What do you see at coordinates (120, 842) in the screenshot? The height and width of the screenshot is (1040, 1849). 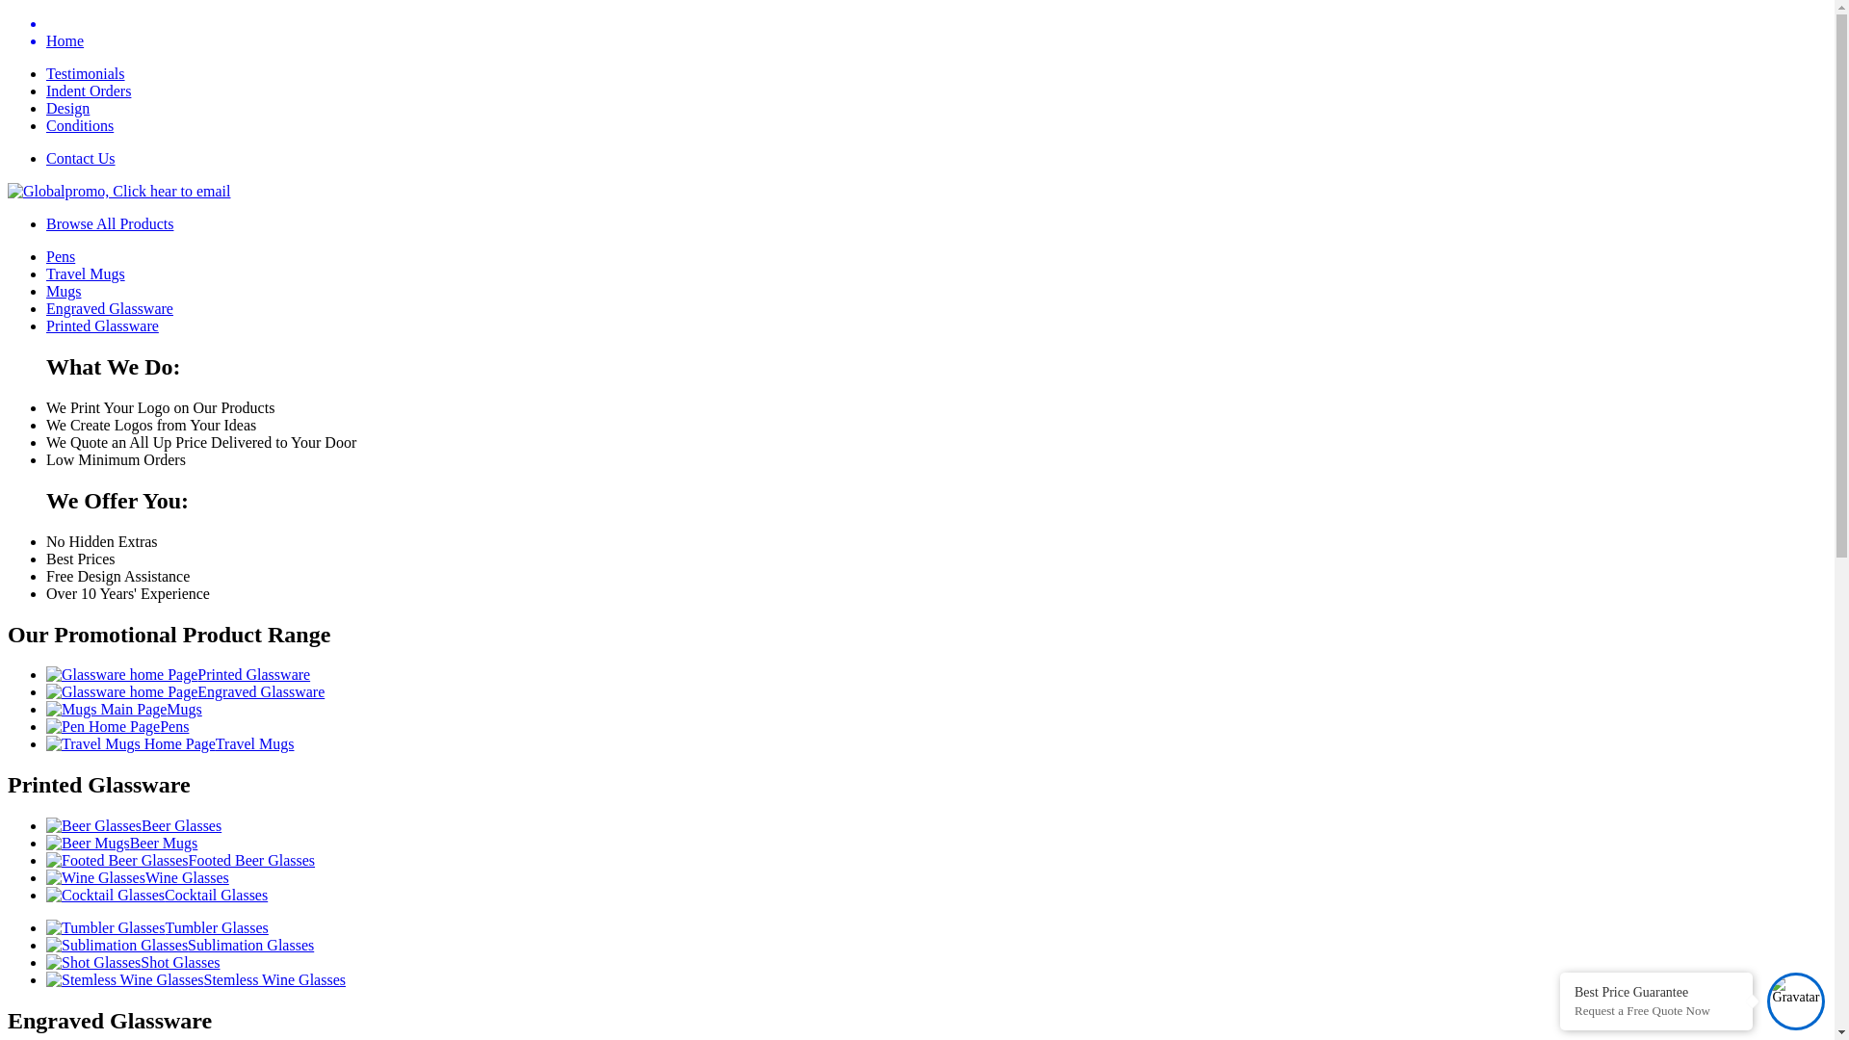 I see `'Beer Mugs'` at bounding box center [120, 842].